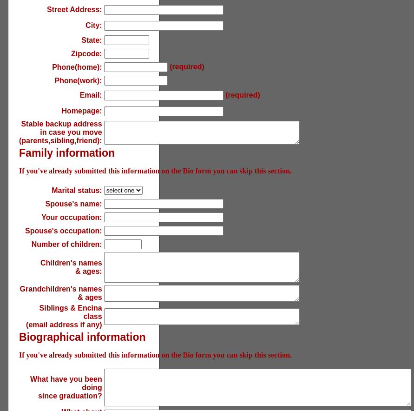 This screenshot has width=414, height=411. What do you see at coordinates (46, 9) in the screenshot?
I see `'Street Address:'` at bounding box center [46, 9].